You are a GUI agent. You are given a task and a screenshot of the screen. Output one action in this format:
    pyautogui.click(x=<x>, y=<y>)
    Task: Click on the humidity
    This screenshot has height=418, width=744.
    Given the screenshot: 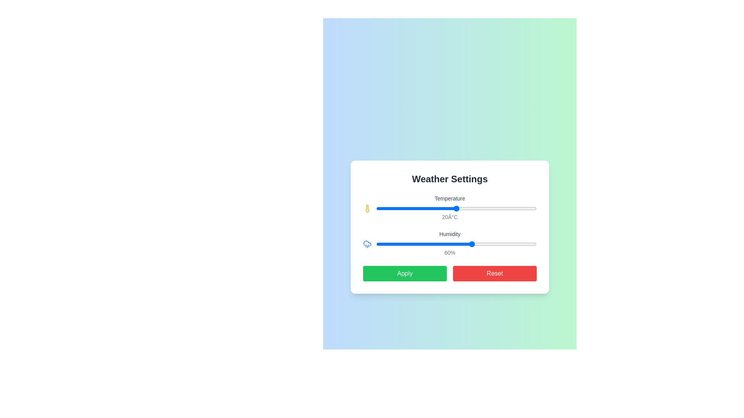 What is the action you would take?
    pyautogui.click(x=516, y=244)
    